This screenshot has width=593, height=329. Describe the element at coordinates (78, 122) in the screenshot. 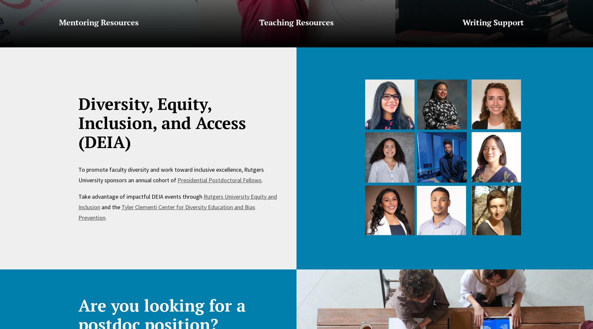

I see `'Diversity, Equity, Inclusion, and Access (DEIA)'` at that location.